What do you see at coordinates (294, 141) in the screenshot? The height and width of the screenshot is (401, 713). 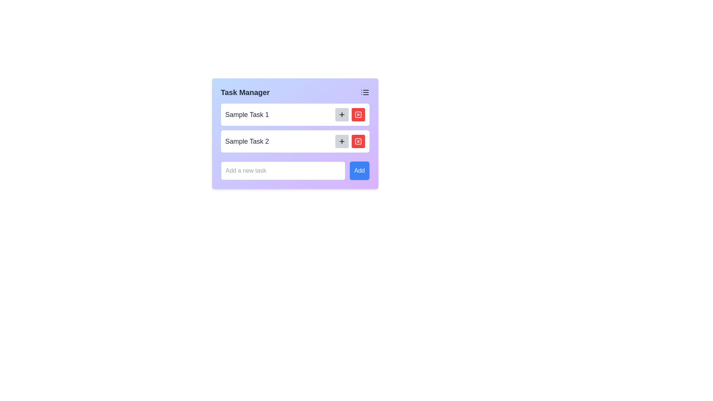 I see `the task preview element that represents a task in the task management interface, located below 'Sample Task 1'` at bounding box center [294, 141].